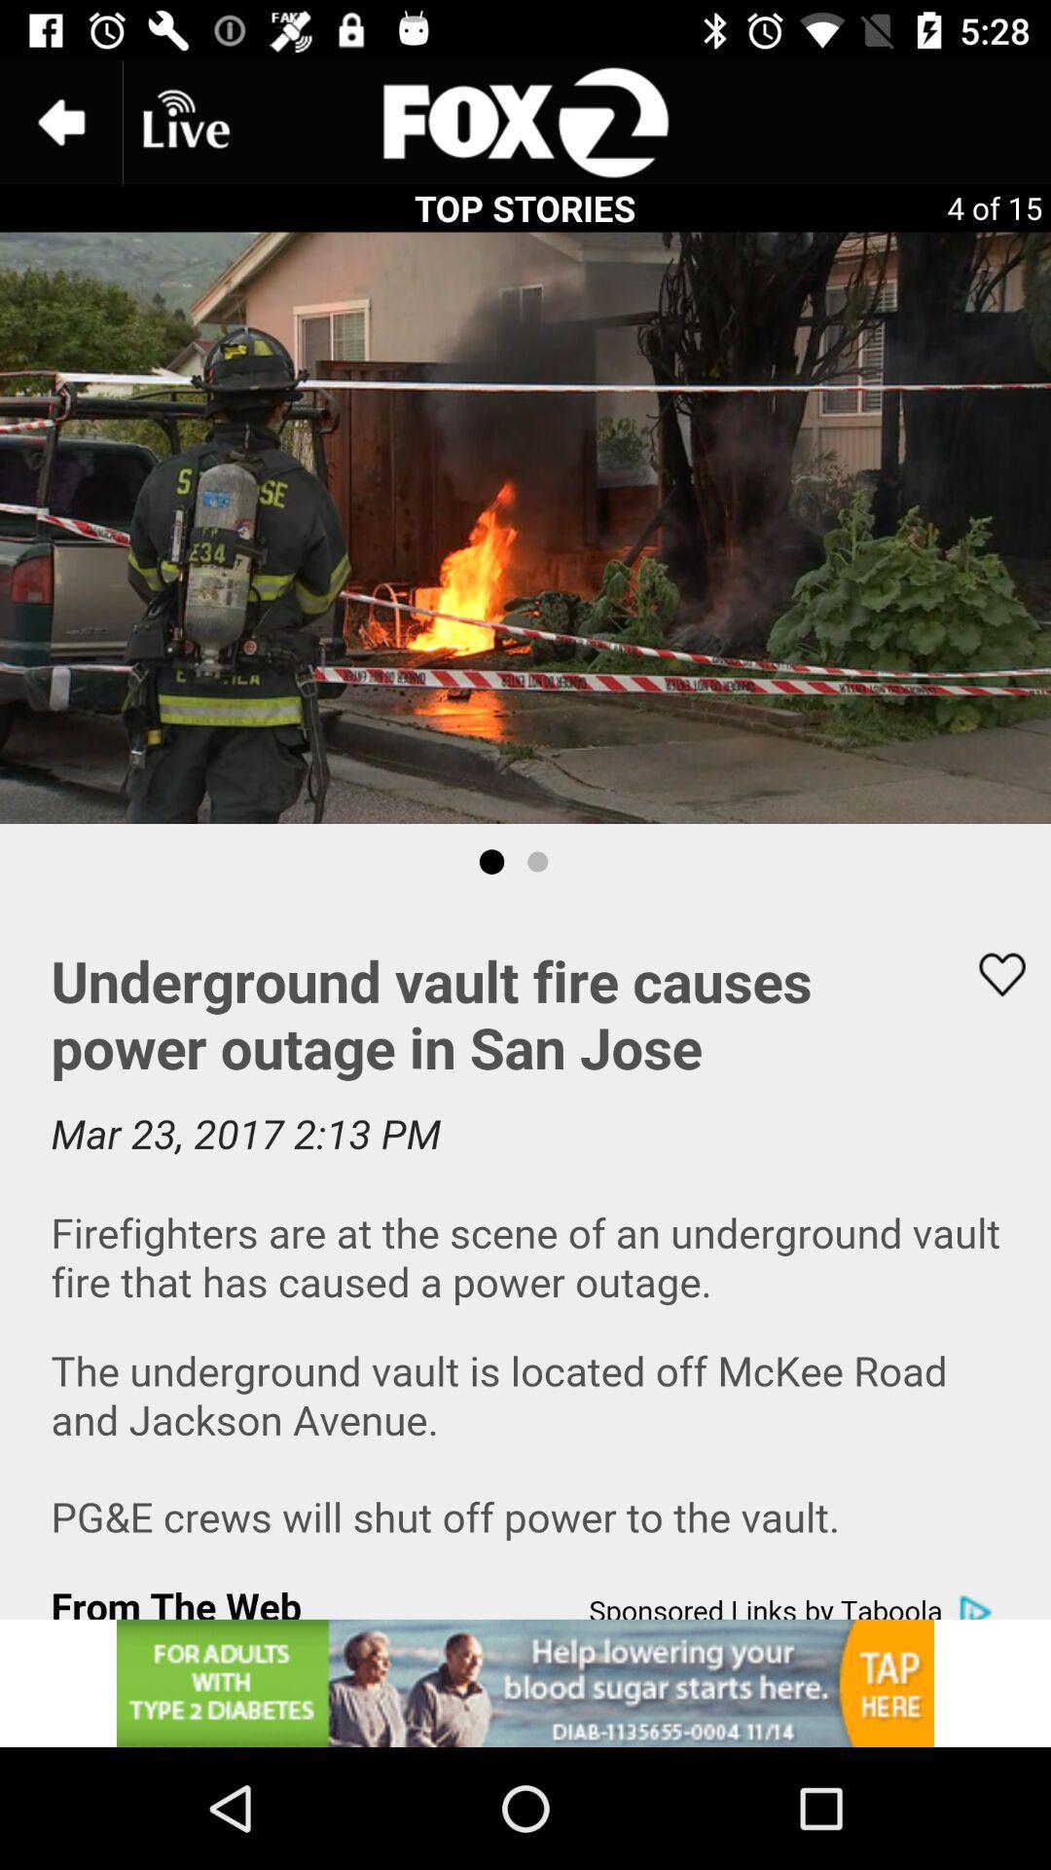 This screenshot has height=1870, width=1051. Describe the element at coordinates (990, 974) in the screenshot. I see `the favorite icon` at that location.